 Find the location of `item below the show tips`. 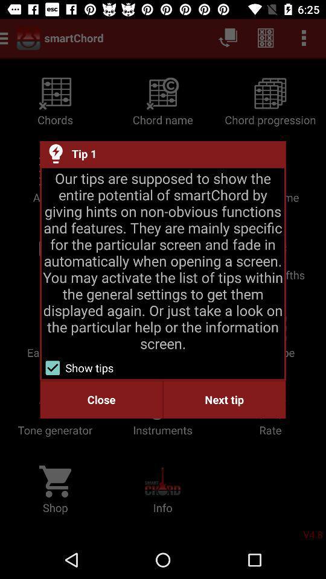

item below the show tips is located at coordinates (101, 399).